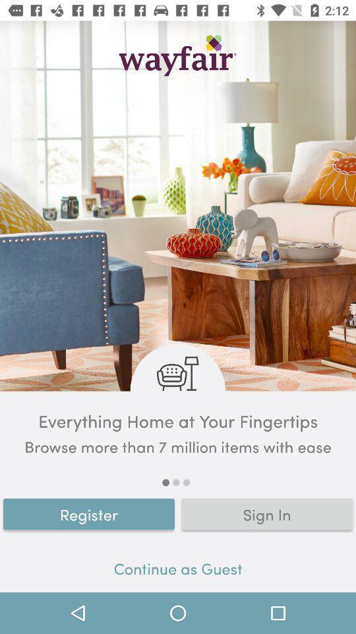 This screenshot has height=634, width=356. Describe the element at coordinates (89, 513) in the screenshot. I see `the item next to the sign in item` at that location.